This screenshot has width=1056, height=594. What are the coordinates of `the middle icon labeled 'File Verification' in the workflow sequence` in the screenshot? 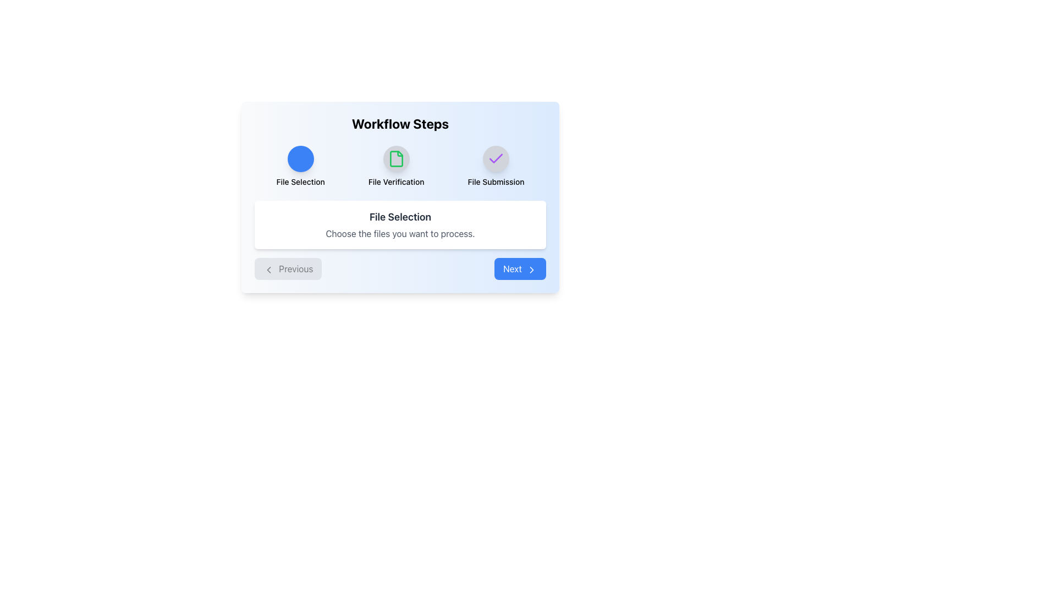 It's located at (396, 159).